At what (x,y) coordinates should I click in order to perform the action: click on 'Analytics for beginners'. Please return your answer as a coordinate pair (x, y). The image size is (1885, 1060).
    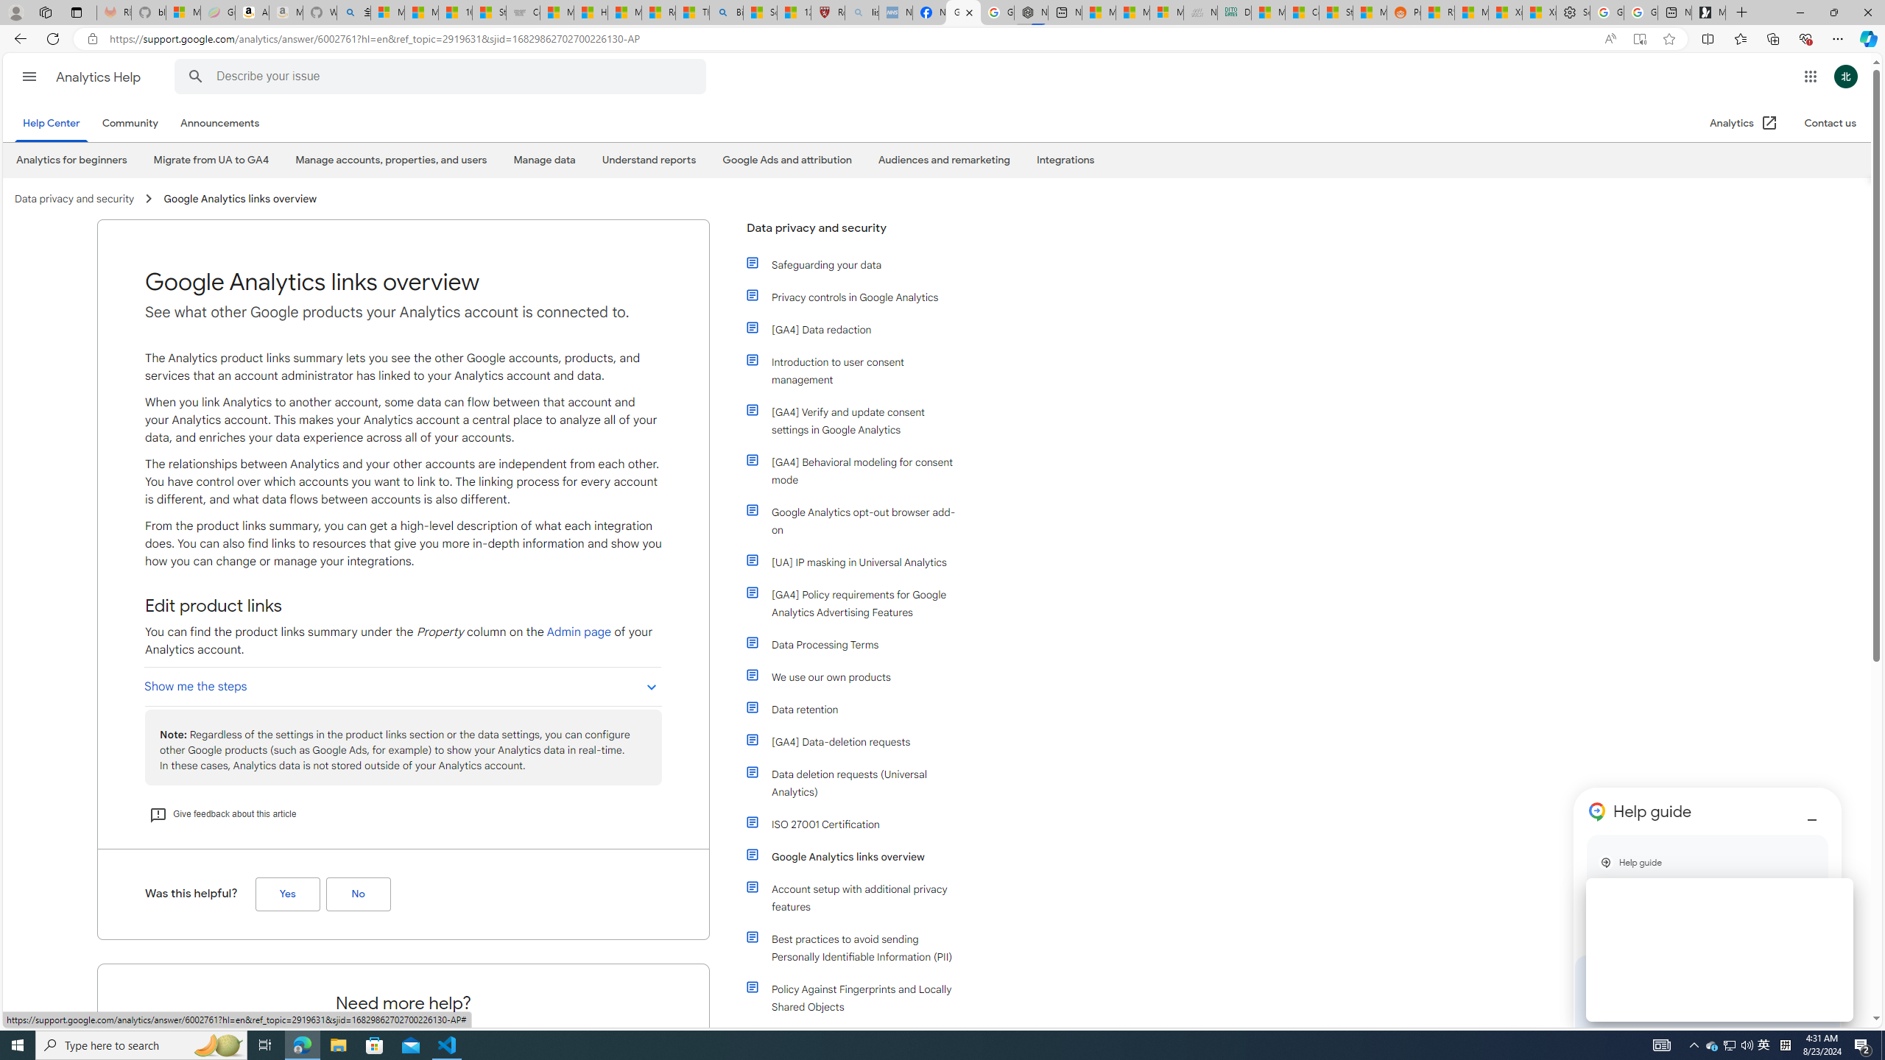
    Looking at the image, I should click on (71, 160).